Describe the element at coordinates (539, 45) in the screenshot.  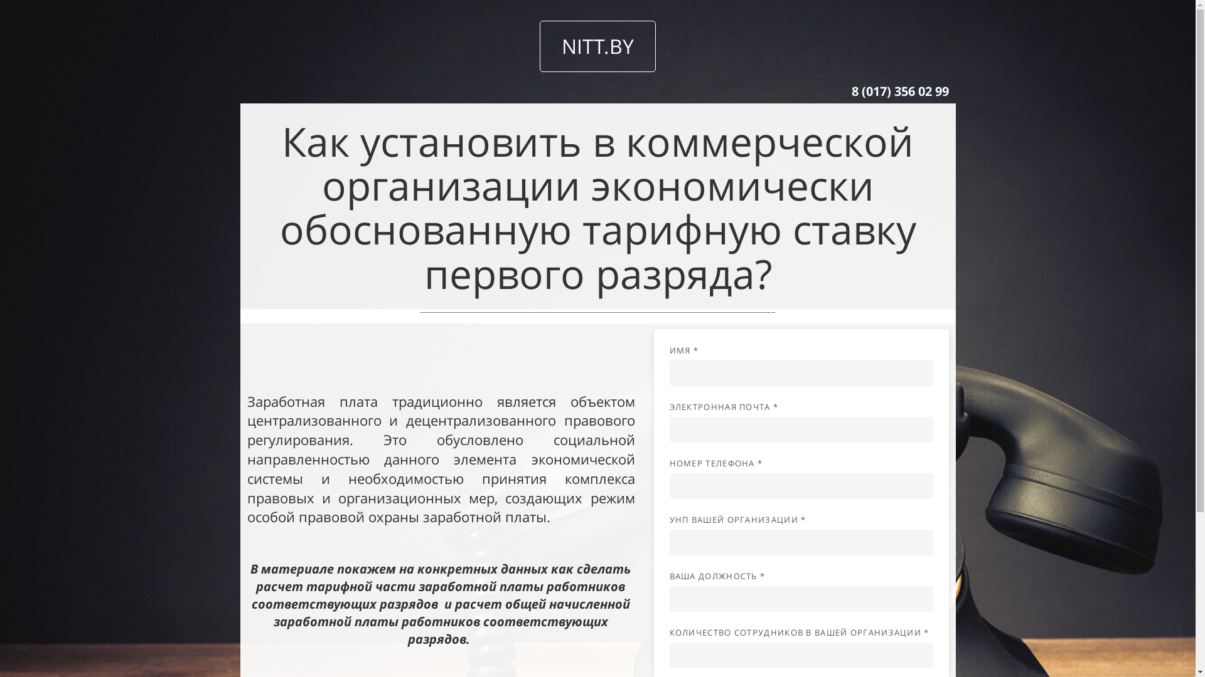
I see `'NITT.BY'` at that location.